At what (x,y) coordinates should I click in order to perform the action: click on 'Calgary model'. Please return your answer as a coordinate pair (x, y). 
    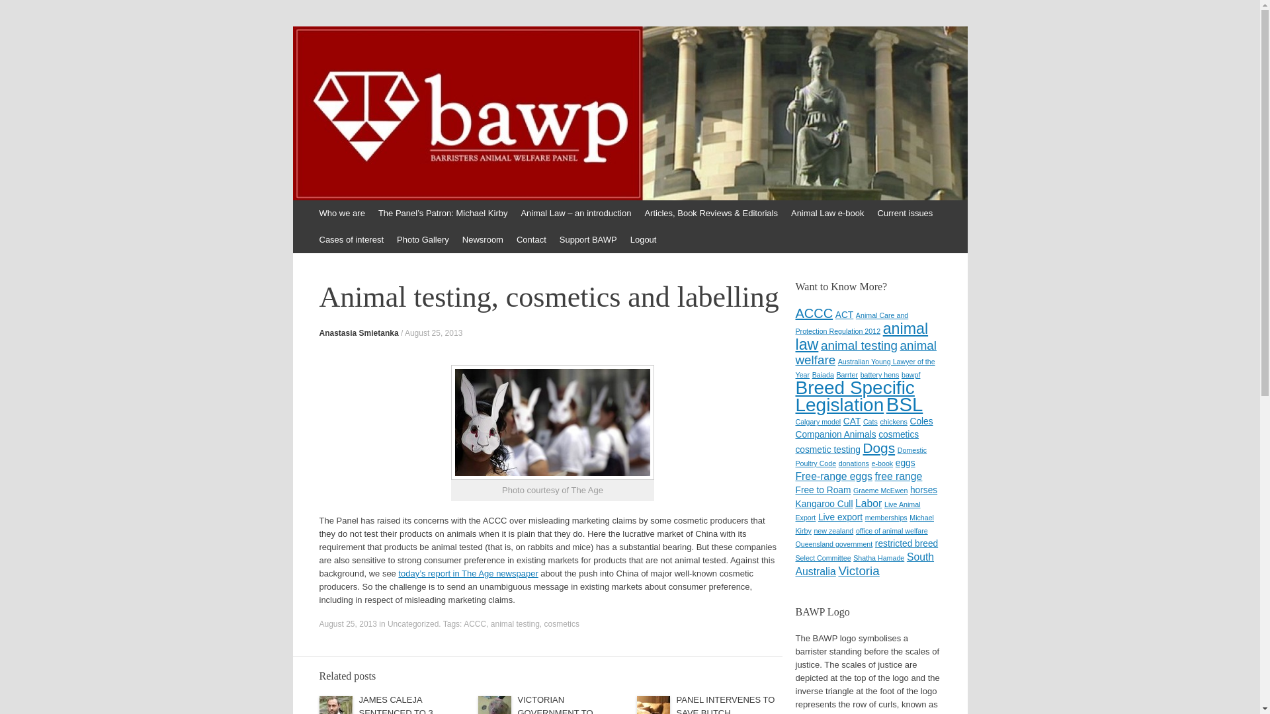
    Looking at the image, I should click on (817, 421).